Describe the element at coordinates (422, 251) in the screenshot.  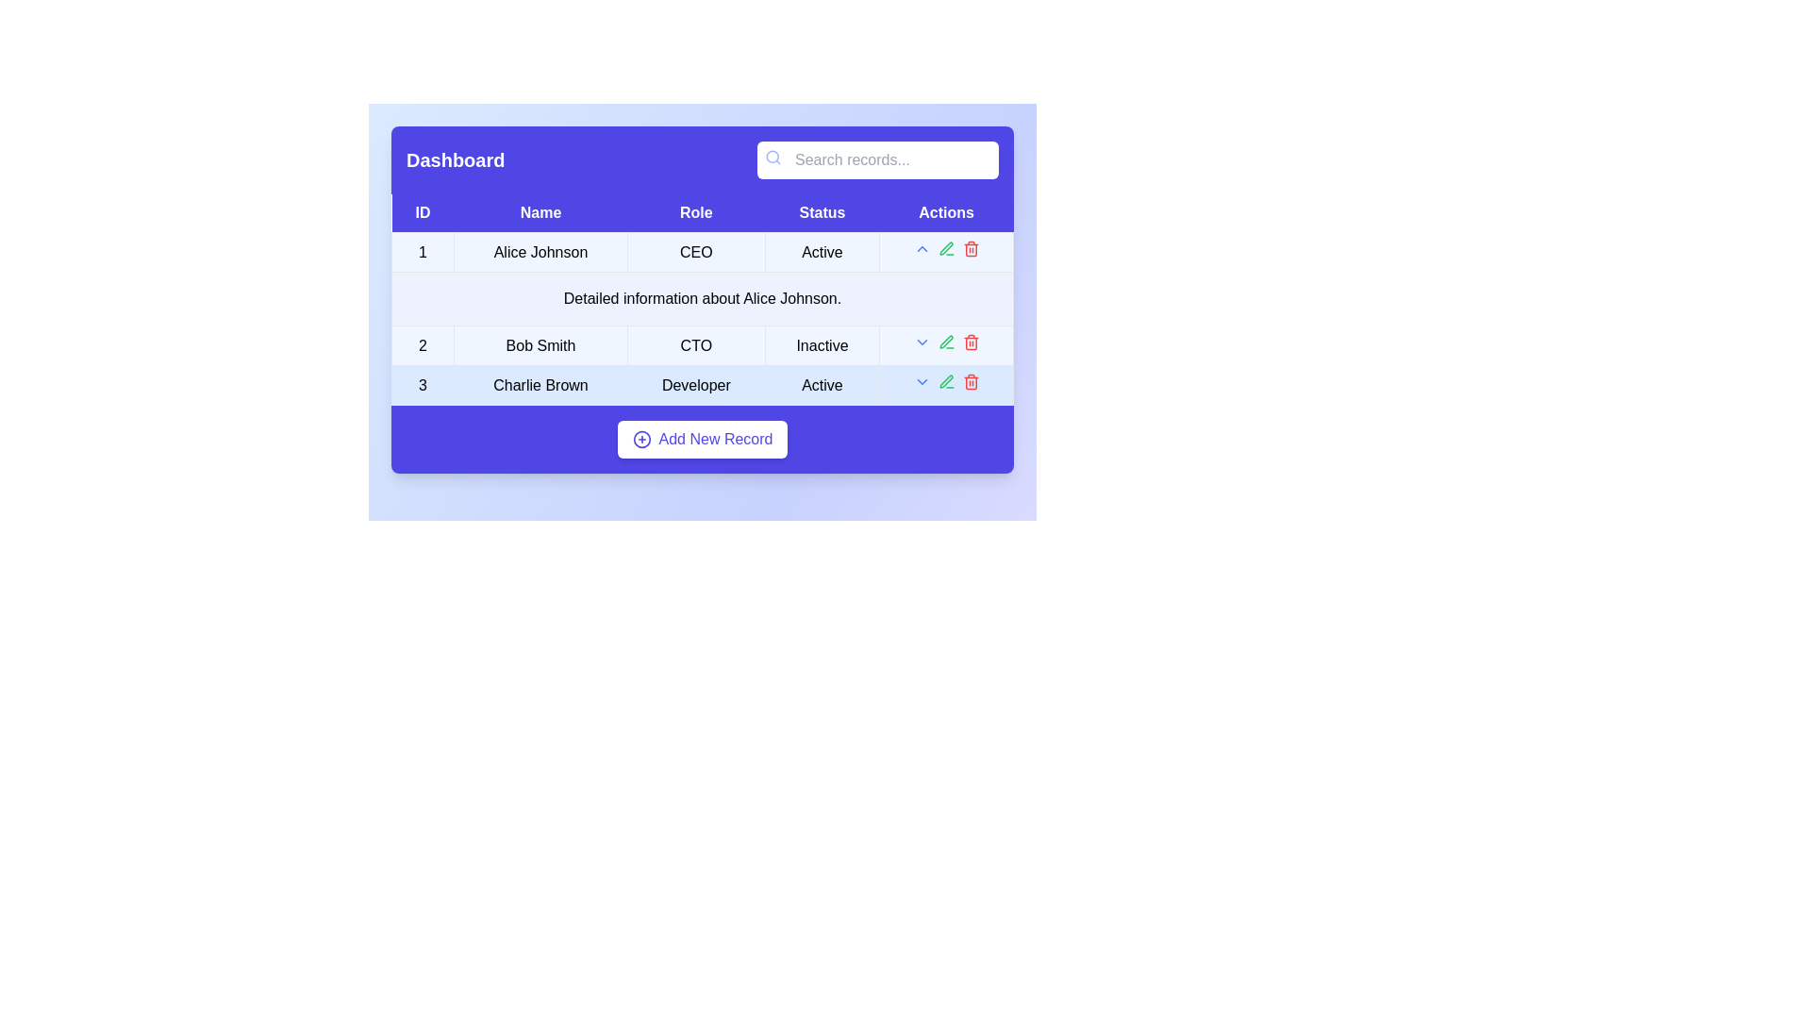
I see `the number '1' displayed in black color within the first column of a table` at that location.